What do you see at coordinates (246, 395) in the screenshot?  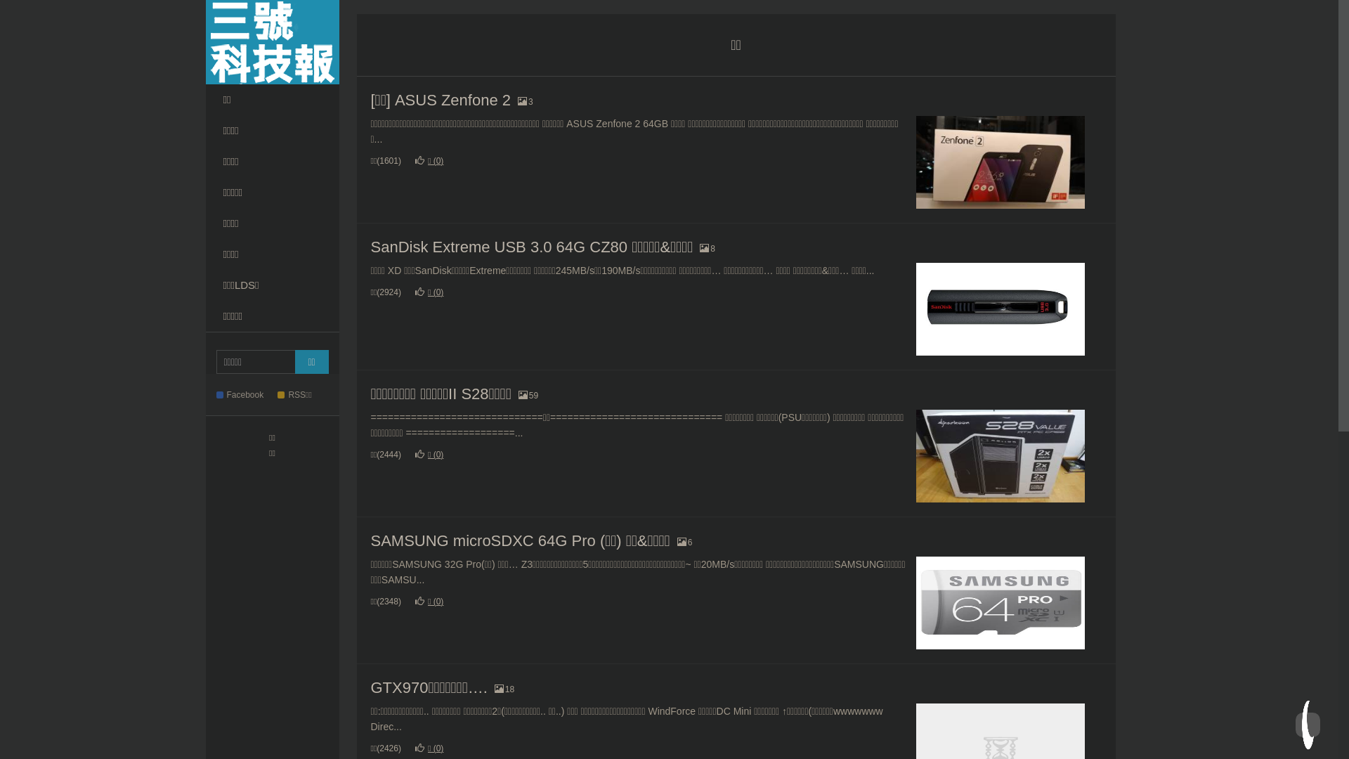 I see `'Facebook'` at bounding box center [246, 395].